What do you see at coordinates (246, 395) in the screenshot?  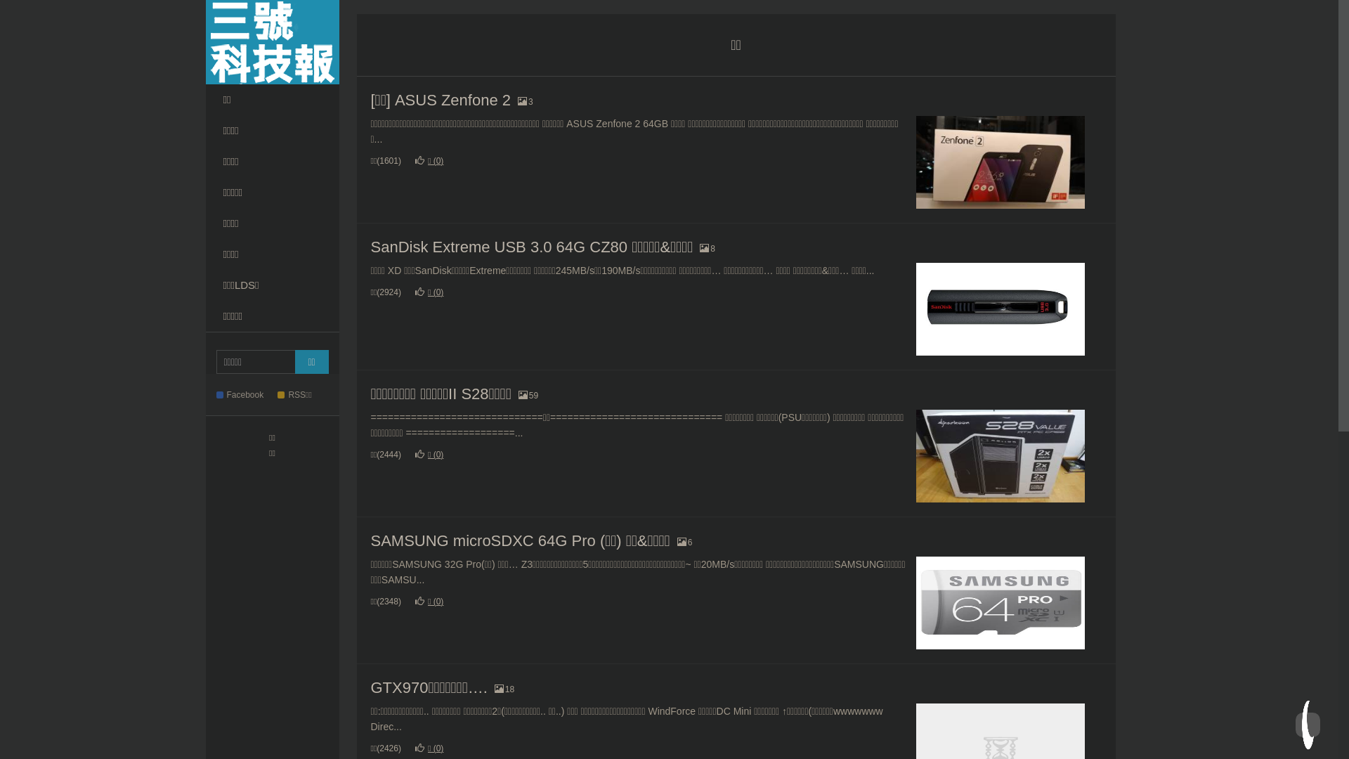 I see `'Facebook'` at bounding box center [246, 395].